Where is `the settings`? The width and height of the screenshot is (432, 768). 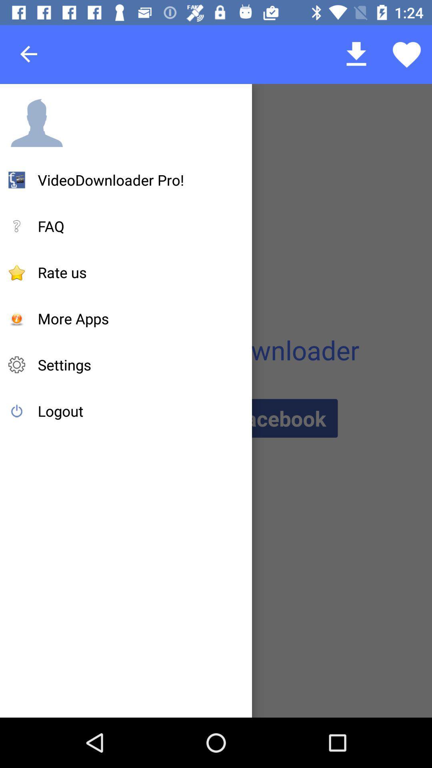 the settings is located at coordinates (64, 364).